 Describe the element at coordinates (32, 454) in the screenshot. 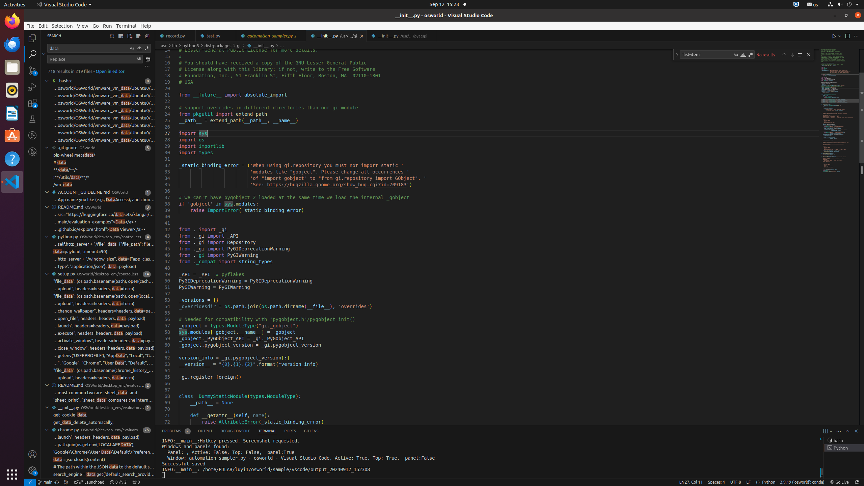

I see `'Accounts'` at that location.